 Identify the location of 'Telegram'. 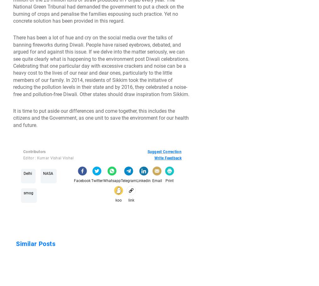
(128, 181).